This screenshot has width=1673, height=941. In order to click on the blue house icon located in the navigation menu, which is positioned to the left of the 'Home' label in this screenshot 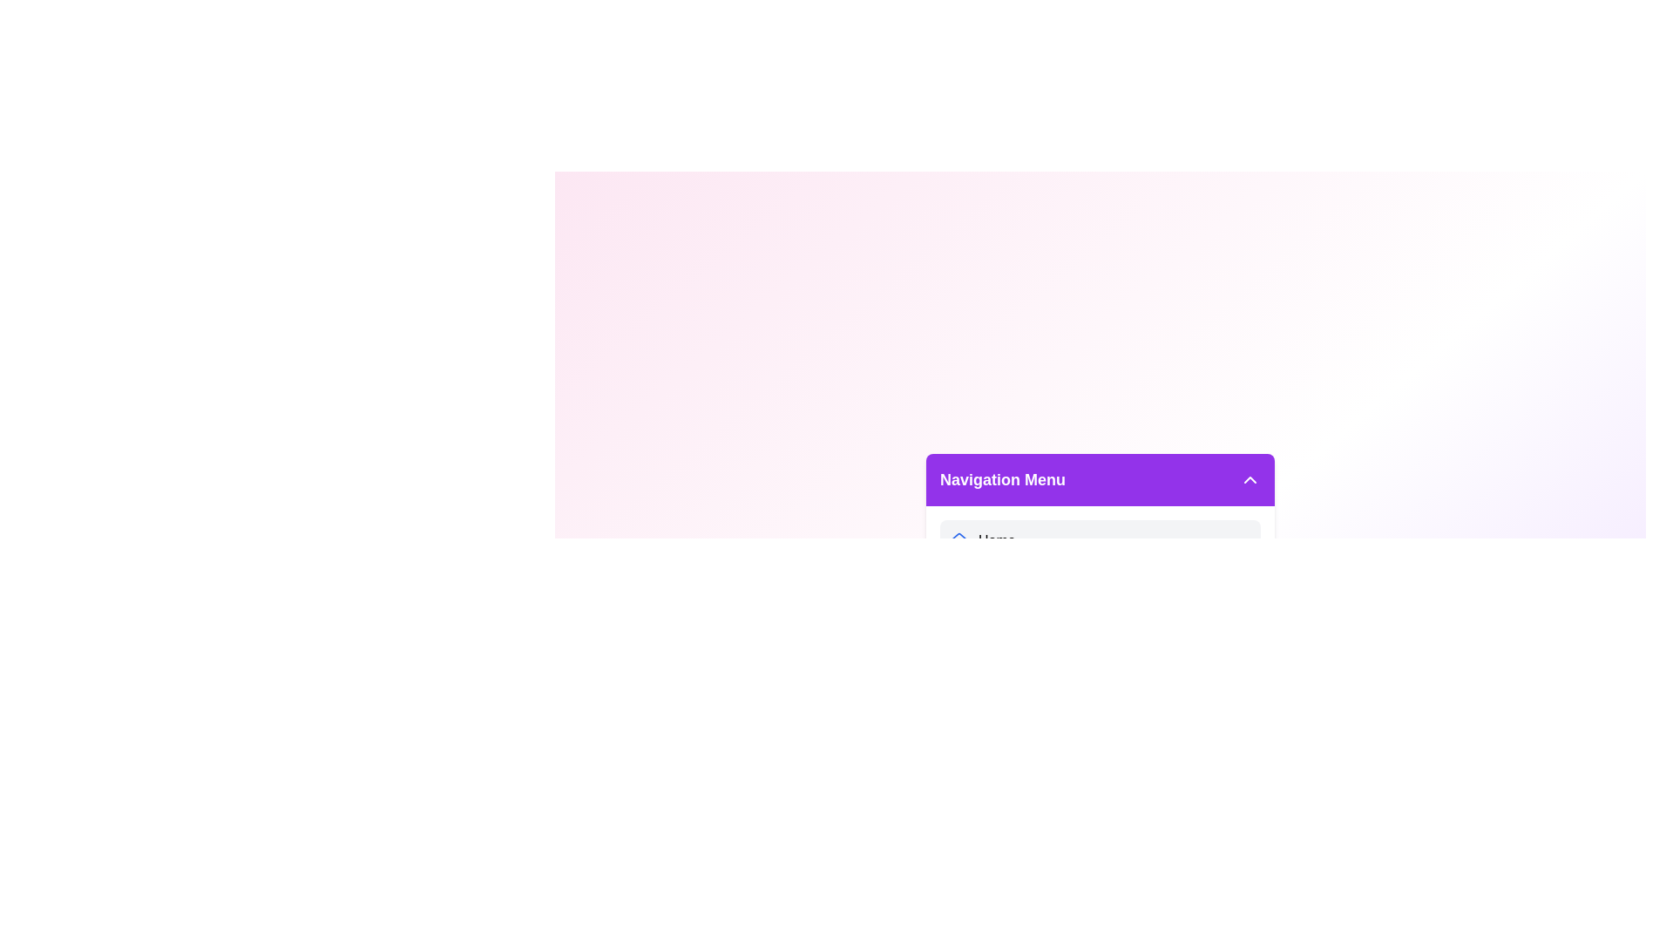, I will do `click(958, 539)`.